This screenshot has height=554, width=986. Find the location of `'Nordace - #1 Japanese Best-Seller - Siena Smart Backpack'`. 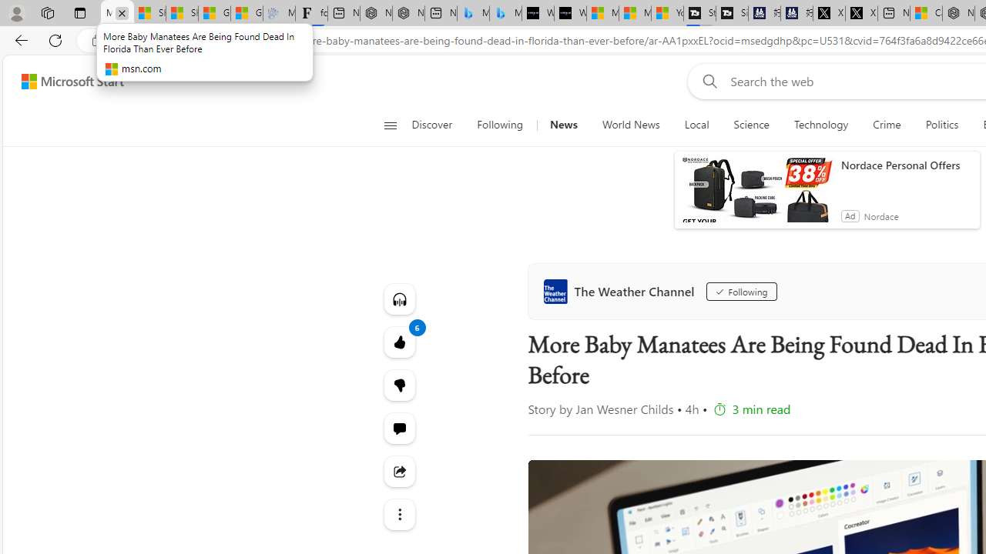

'Nordace - #1 Japanese Best-Seller - Siena Smart Backpack' is located at coordinates (408, 13).